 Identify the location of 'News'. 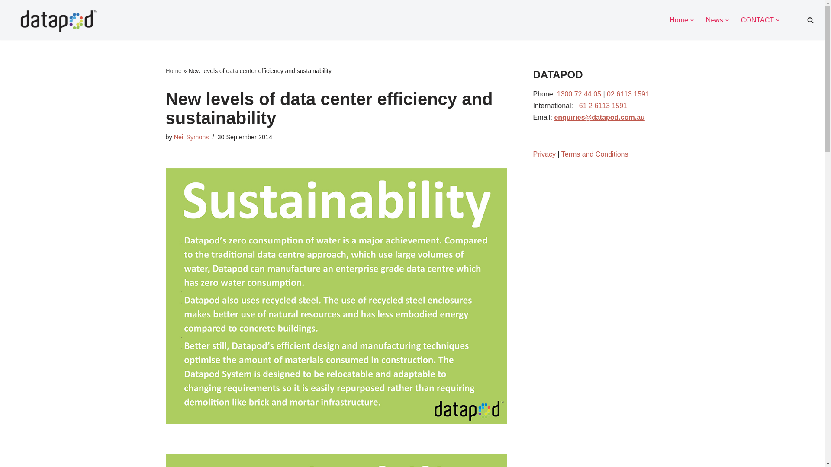
(715, 19).